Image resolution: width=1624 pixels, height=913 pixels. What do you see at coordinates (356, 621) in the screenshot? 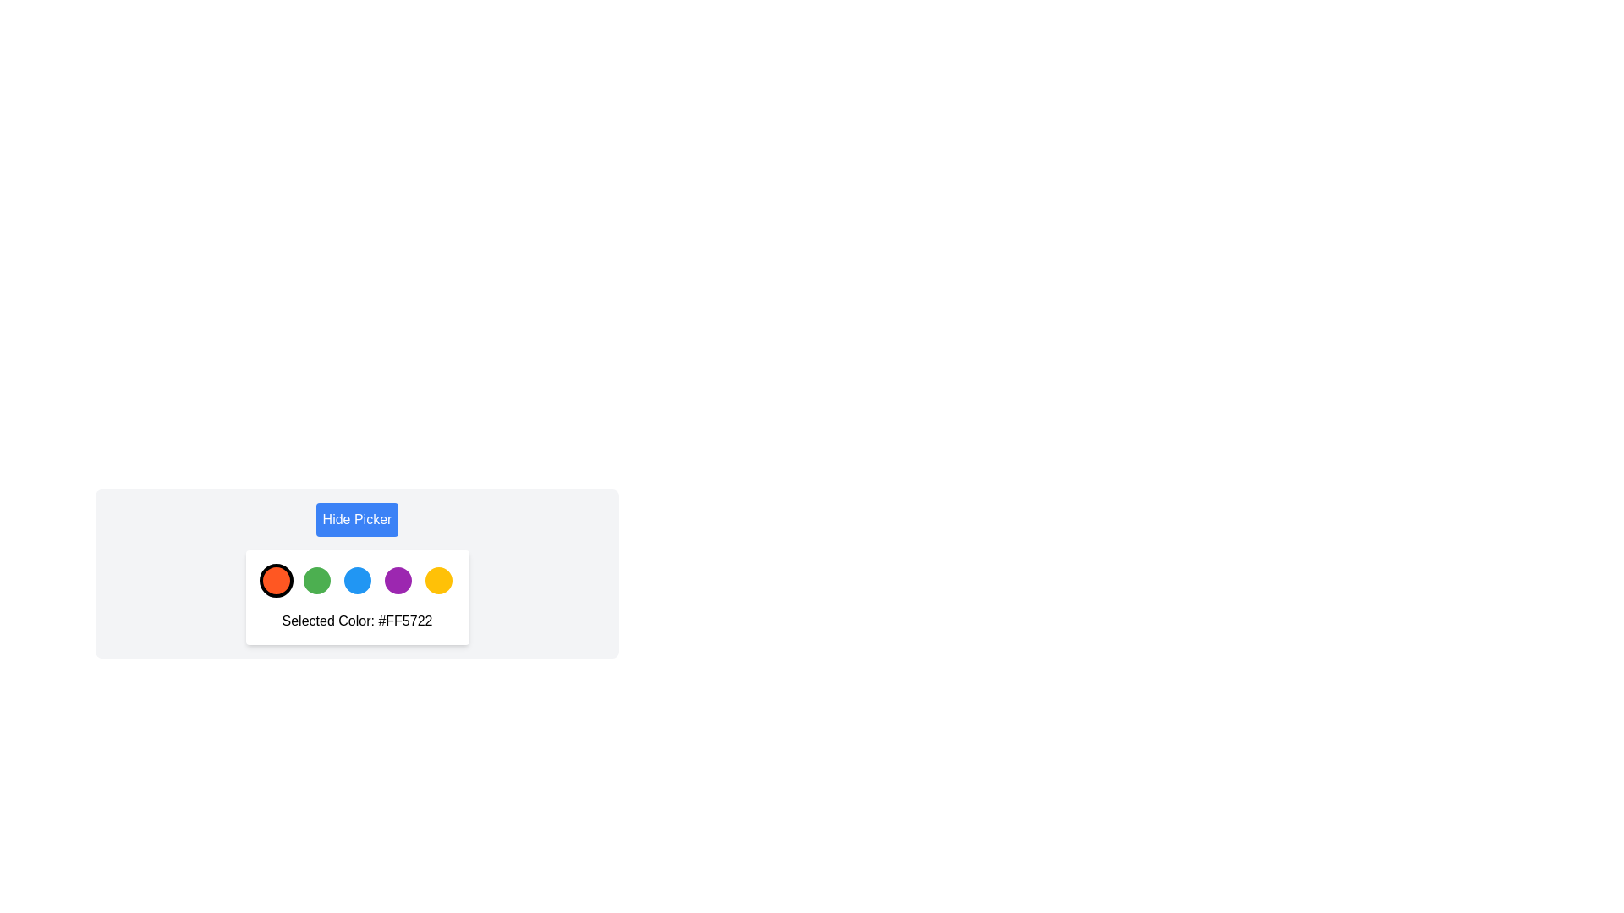
I see `displayed color value from the static text label showing 'Selected Color: #FF5722', which is located centered horizontally underneath a row of circular color indicators` at bounding box center [356, 621].